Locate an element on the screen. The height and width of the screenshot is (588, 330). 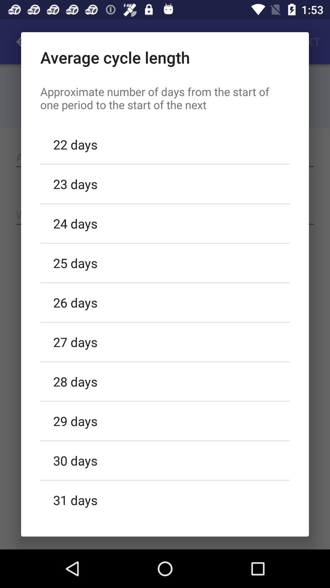
the icon above 31 days icon is located at coordinates (165, 460).